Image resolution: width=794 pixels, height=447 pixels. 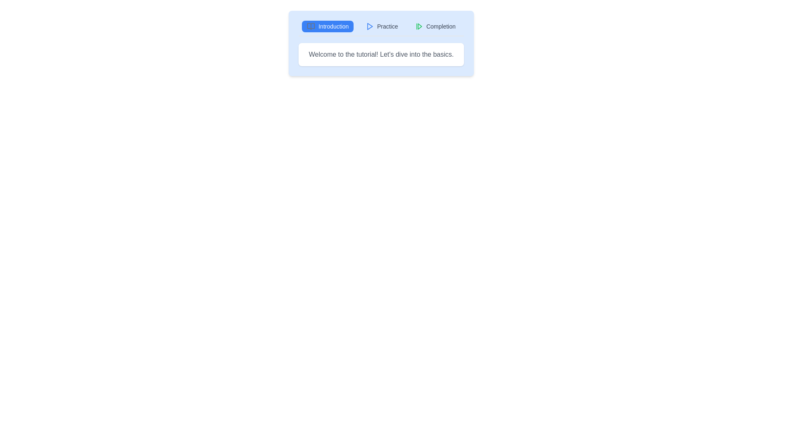 I want to click on the text content area to select the text, so click(x=380, y=54).